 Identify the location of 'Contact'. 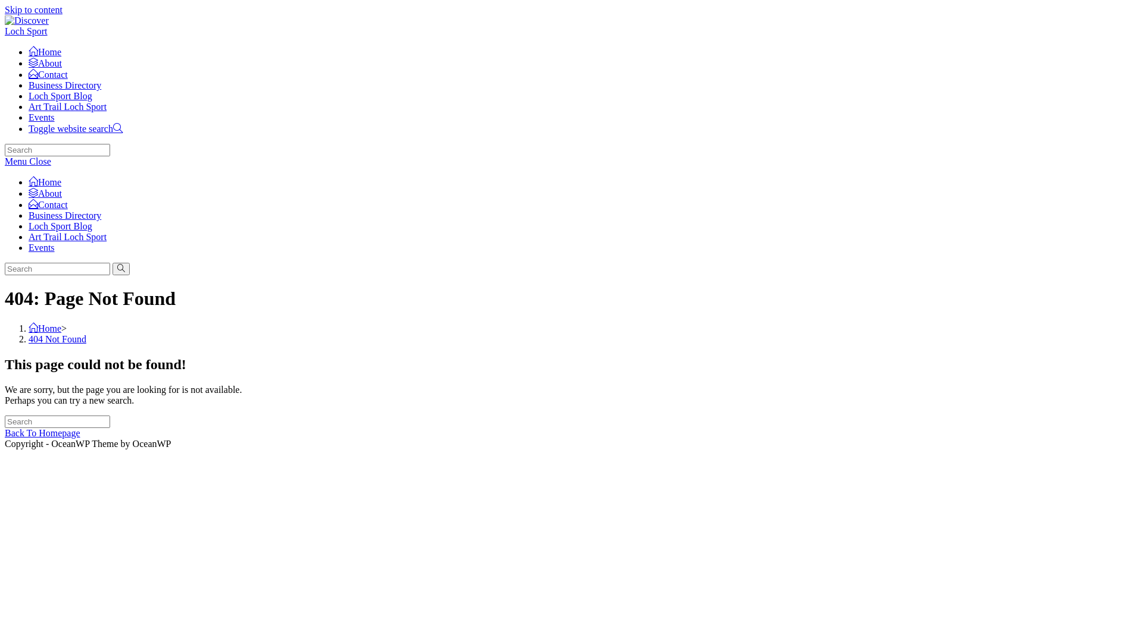
(29, 74).